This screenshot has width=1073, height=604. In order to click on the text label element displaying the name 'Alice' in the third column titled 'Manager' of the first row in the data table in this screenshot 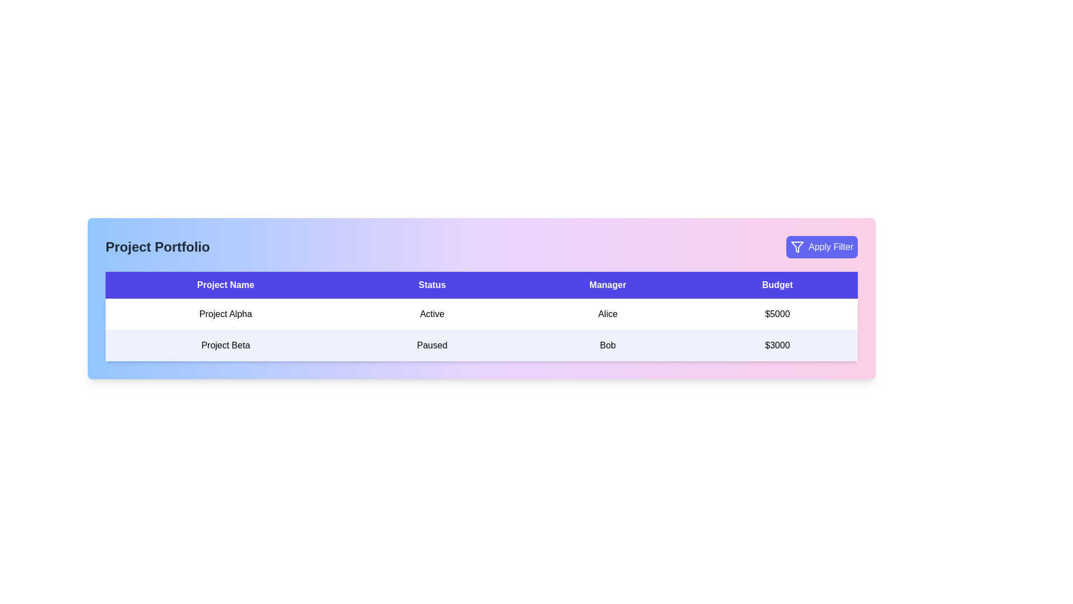, I will do `click(607, 314)`.